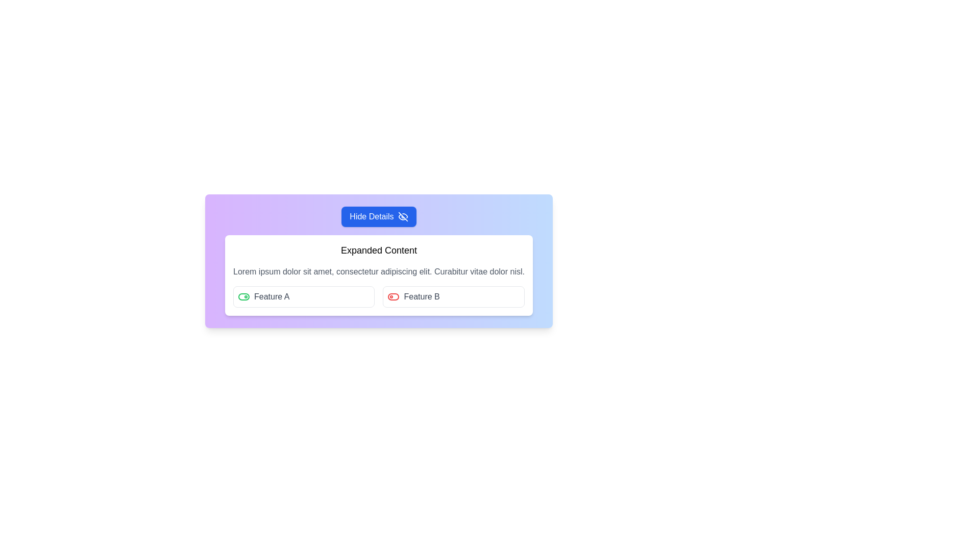 The width and height of the screenshot is (980, 551). I want to click on the right-oriented green toggle switch within the 'Feature A' box, so click(243, 297).